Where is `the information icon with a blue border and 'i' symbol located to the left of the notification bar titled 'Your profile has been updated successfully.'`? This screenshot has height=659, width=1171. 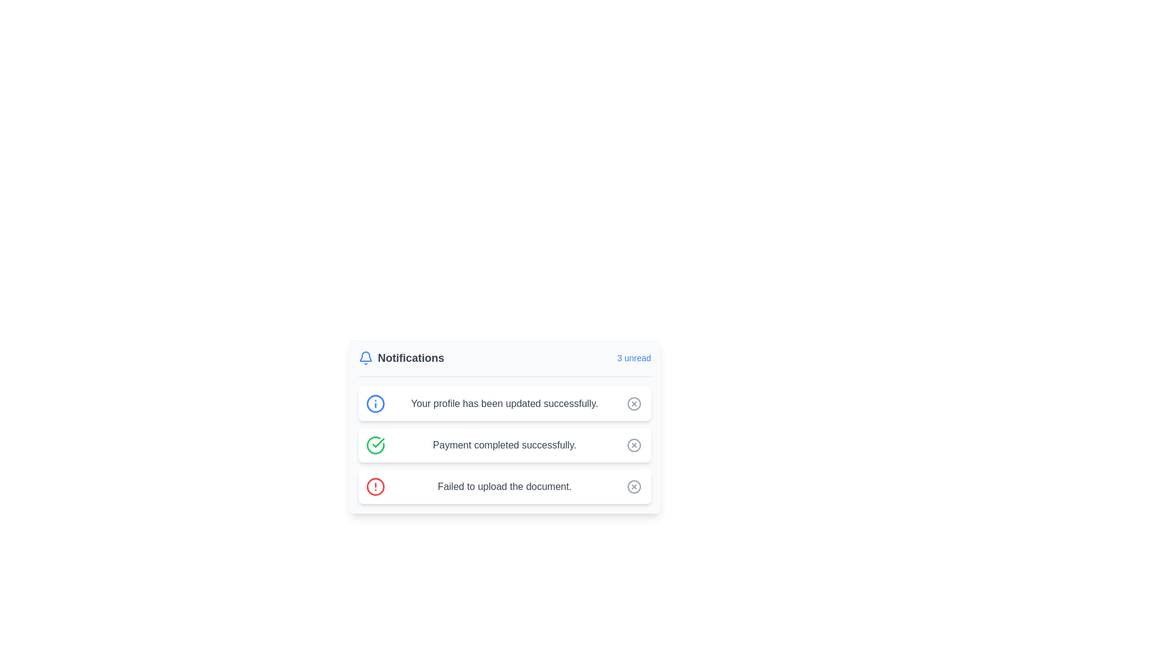 the information icon with a blue border and 'i' symbol located to the left of the notification bar titled 'Your profile has been updated successfully.' is located at coordinates (374, 404).